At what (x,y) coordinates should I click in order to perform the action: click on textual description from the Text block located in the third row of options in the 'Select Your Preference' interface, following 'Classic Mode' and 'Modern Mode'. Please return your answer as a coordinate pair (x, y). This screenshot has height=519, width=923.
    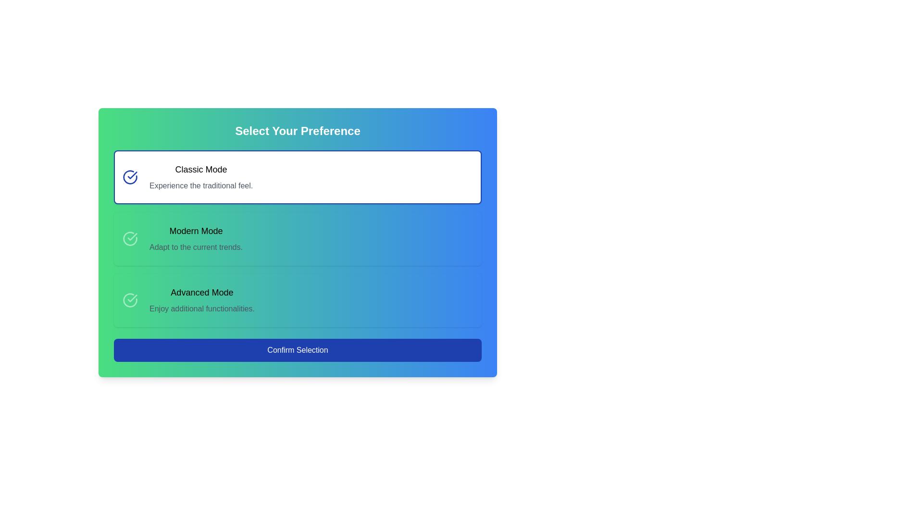
    Looking at the image, I should click on (201, 299).